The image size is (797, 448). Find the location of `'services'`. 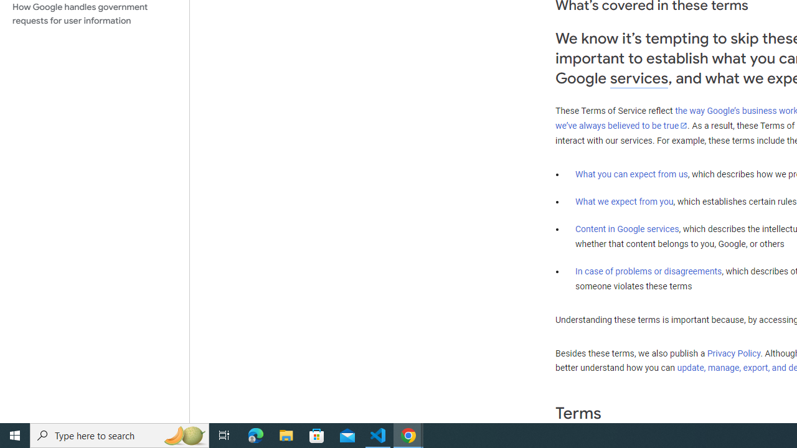

'services' is located at coordinates (639, 78).